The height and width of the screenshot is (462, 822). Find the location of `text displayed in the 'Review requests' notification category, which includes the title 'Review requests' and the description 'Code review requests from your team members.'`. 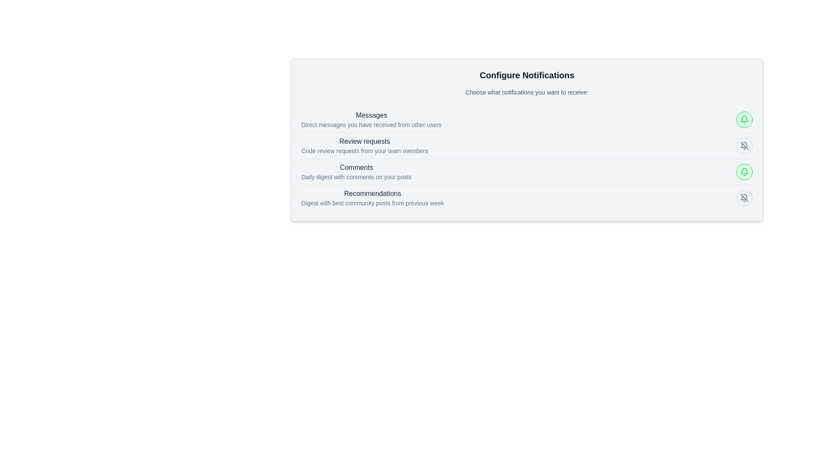

text displayed in the 'Review requests' notification category, which includes the title 'Review requests' and the description 'Code review requests from your team members.' is located at coordinates (364, 145).